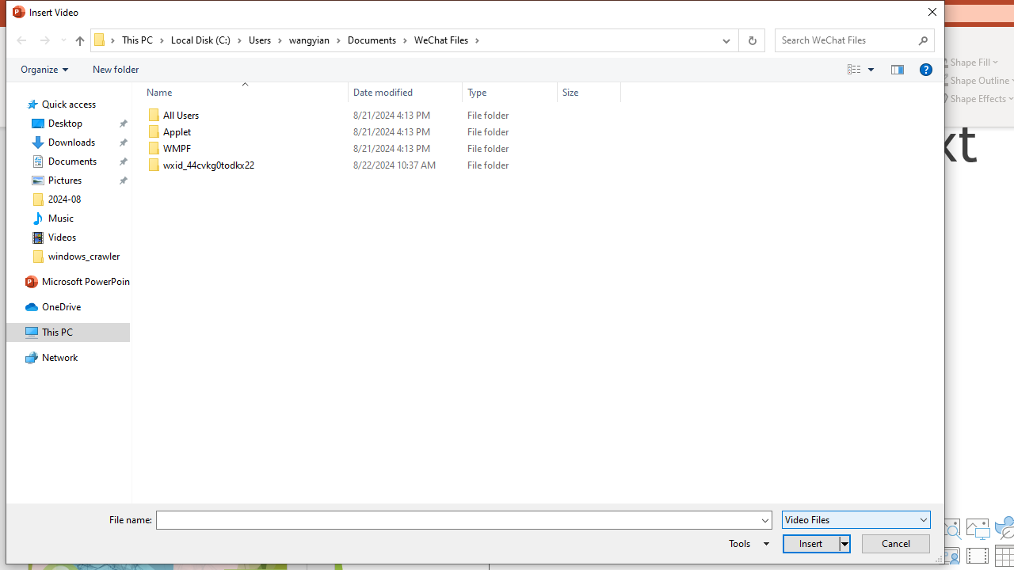 The image size is (1014, 570). Describe the element at coordinates (745, 542) in the screenshot. I see `'Tools'` at that location.